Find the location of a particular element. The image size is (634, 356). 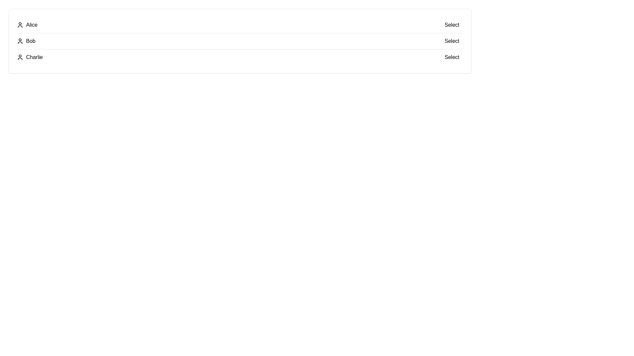

the 'Select' button for the user Alice is located at coordinates (451, 25).